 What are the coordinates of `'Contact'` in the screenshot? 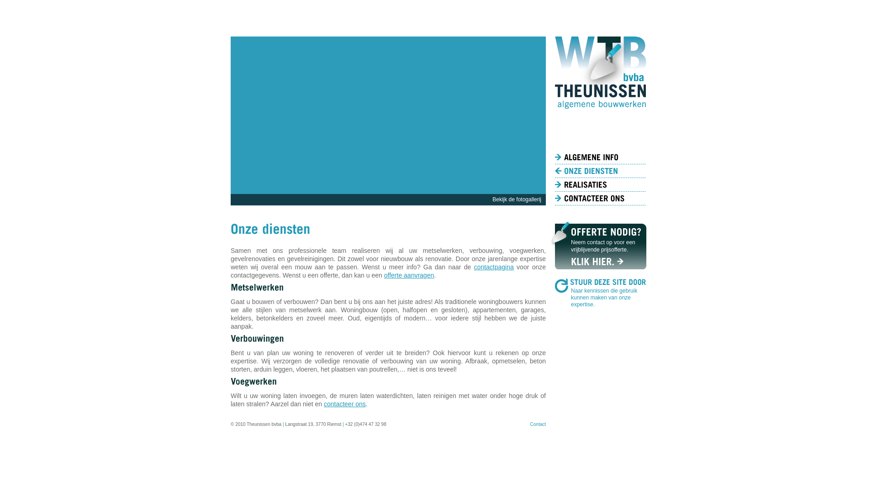 It's located at (530, 424).